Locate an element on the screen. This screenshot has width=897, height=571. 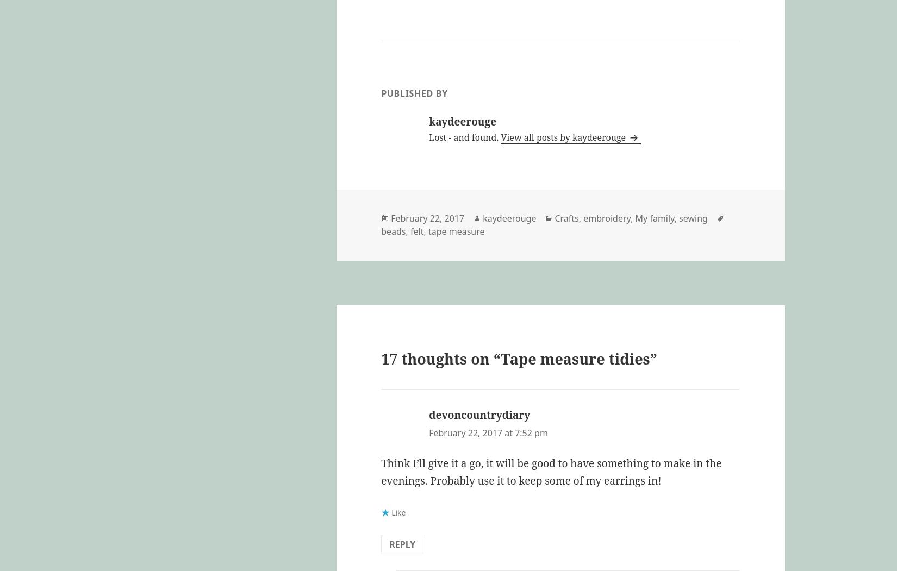
'felt' is located at coordinates (416, 231).